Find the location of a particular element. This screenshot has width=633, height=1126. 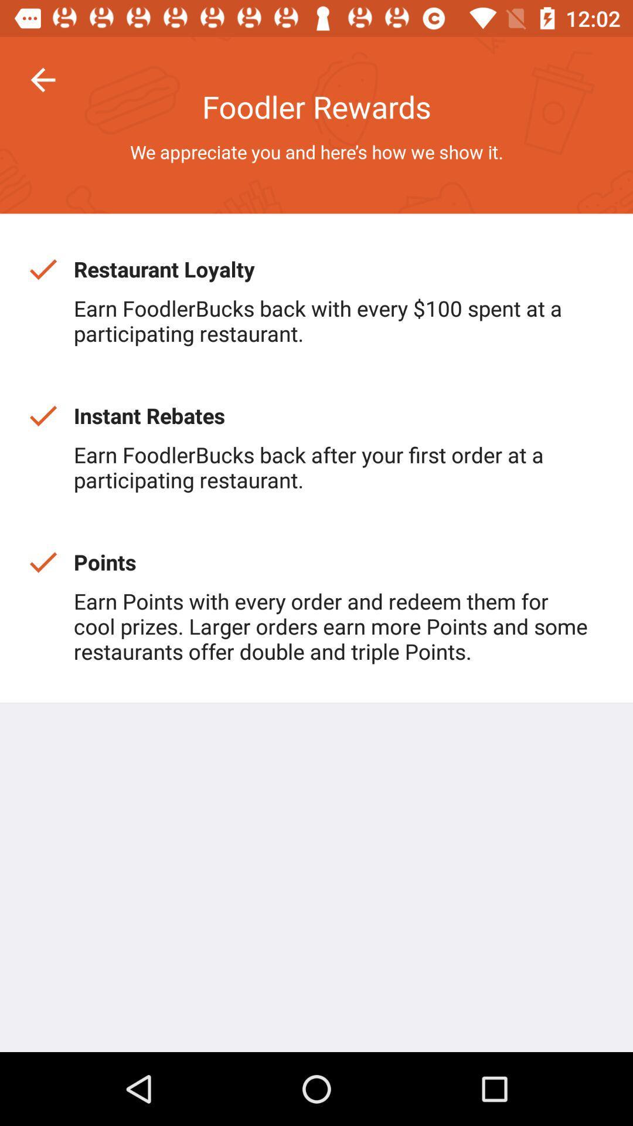

the check mark icon which is just beside the points is located at coordinates (42, 561).